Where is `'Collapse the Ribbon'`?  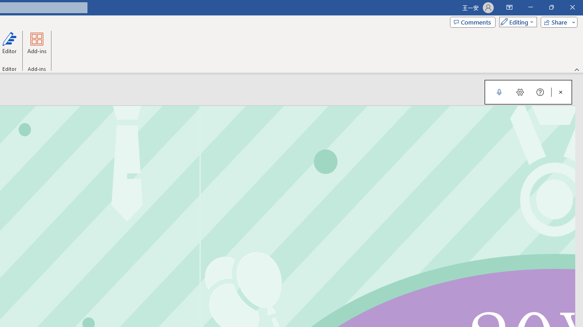
'Collapse the Ribbon' is located at coordinates (577, 69).